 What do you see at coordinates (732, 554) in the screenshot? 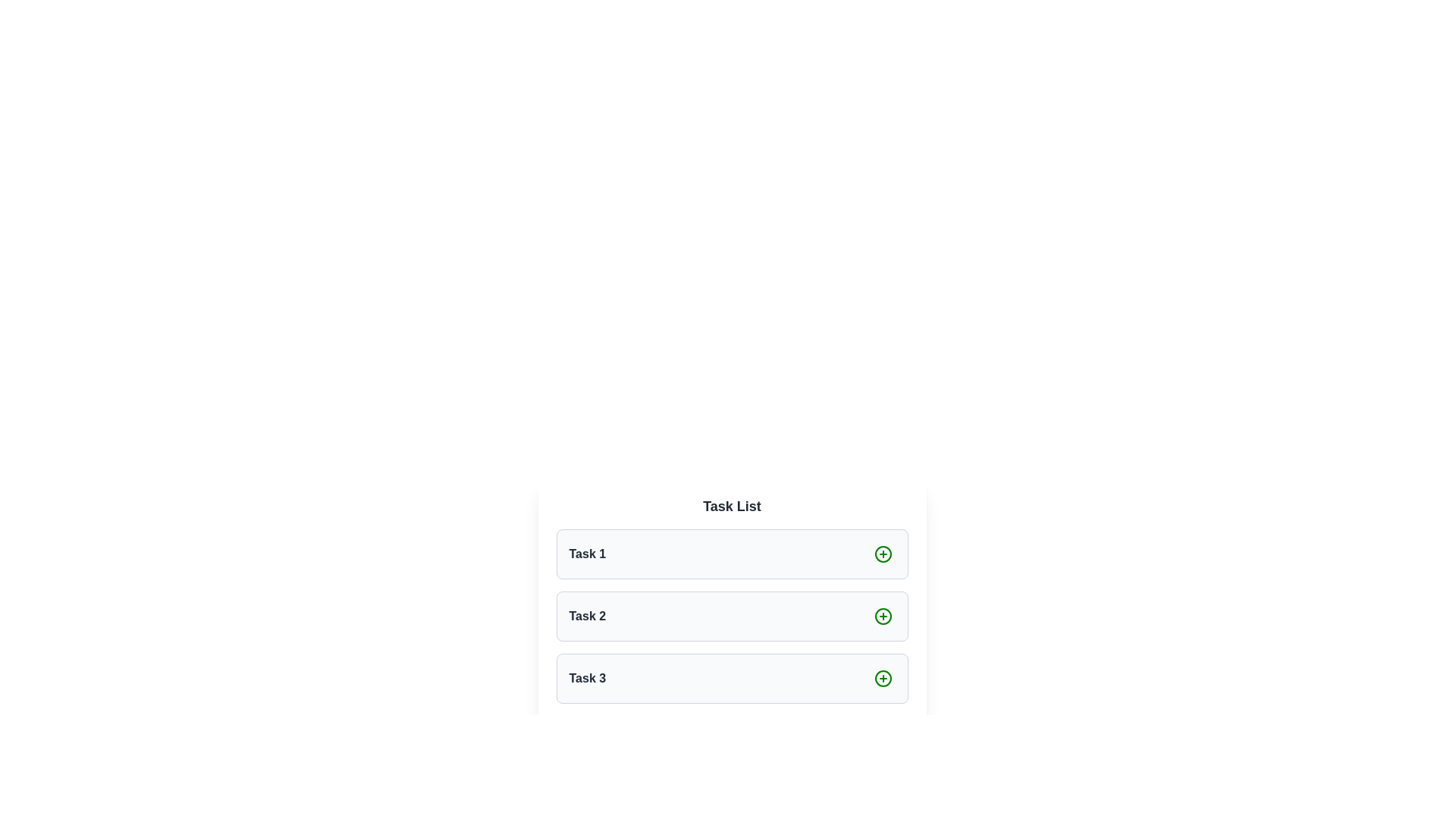
I see `the task item labeled 'Task 1'` at bounding box center [732, 554].